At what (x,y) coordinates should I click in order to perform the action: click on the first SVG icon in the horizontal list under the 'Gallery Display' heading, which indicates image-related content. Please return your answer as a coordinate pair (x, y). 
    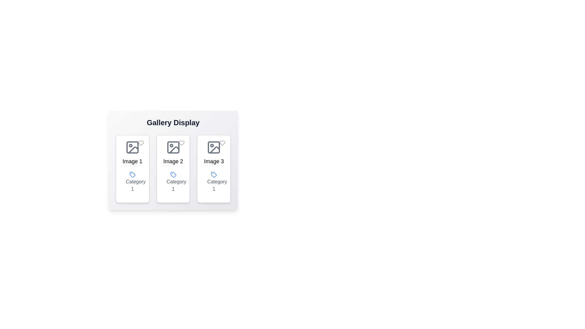
    Looking at the image, I should click on (132, 147).